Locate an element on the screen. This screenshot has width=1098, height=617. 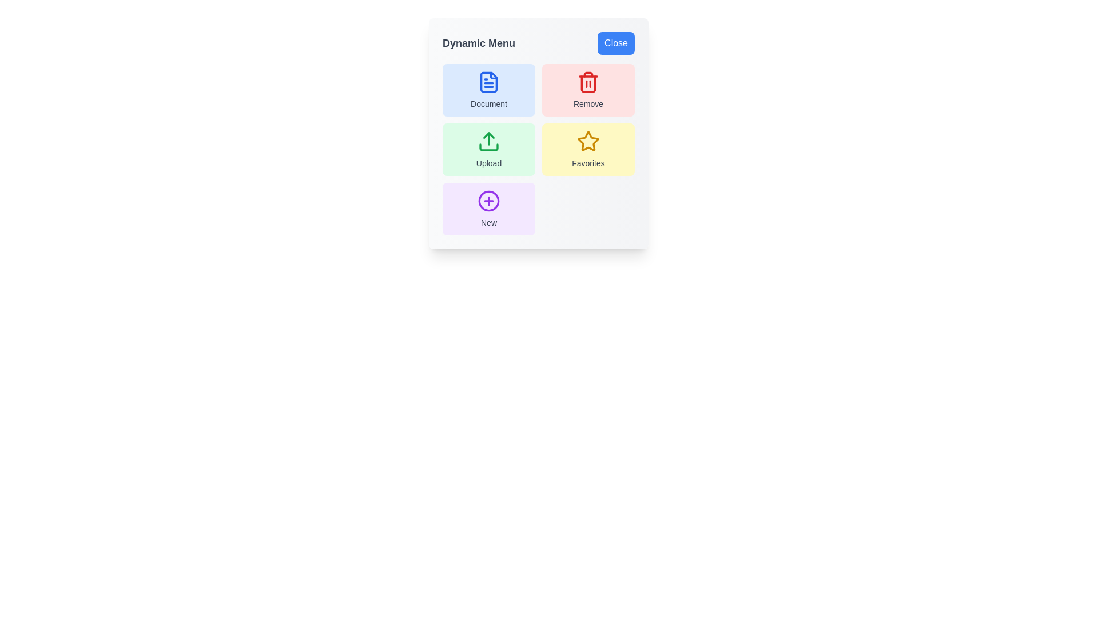
the static text label indicating the 'Favorites' action, located at the bottom-right corner of the button grid, directly below the star icon is located at coordinates (588, 163).